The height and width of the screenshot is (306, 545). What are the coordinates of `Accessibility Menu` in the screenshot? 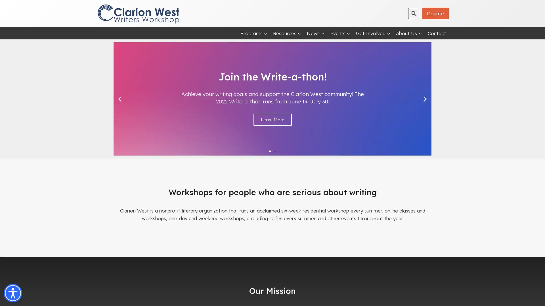 It's located at (13, 293).